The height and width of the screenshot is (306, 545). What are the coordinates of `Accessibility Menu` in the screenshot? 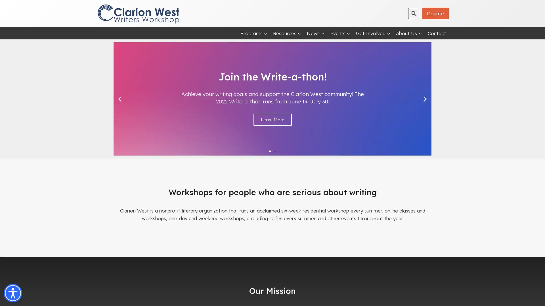 It's located at (13, 293).